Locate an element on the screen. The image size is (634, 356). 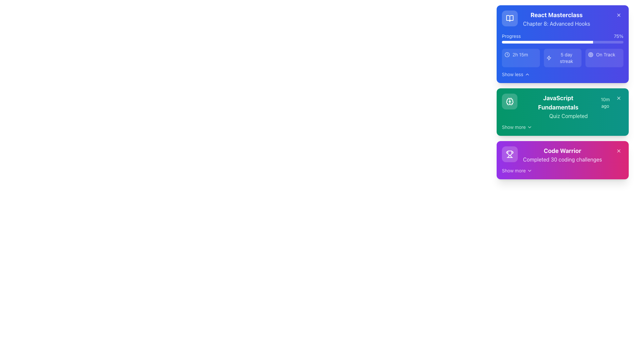
the text display area that contains 'JavaScript Fundamentals', '10m ago', and 'Quiz Completed' within the green rectangular card is located at coordinates (568, 106).